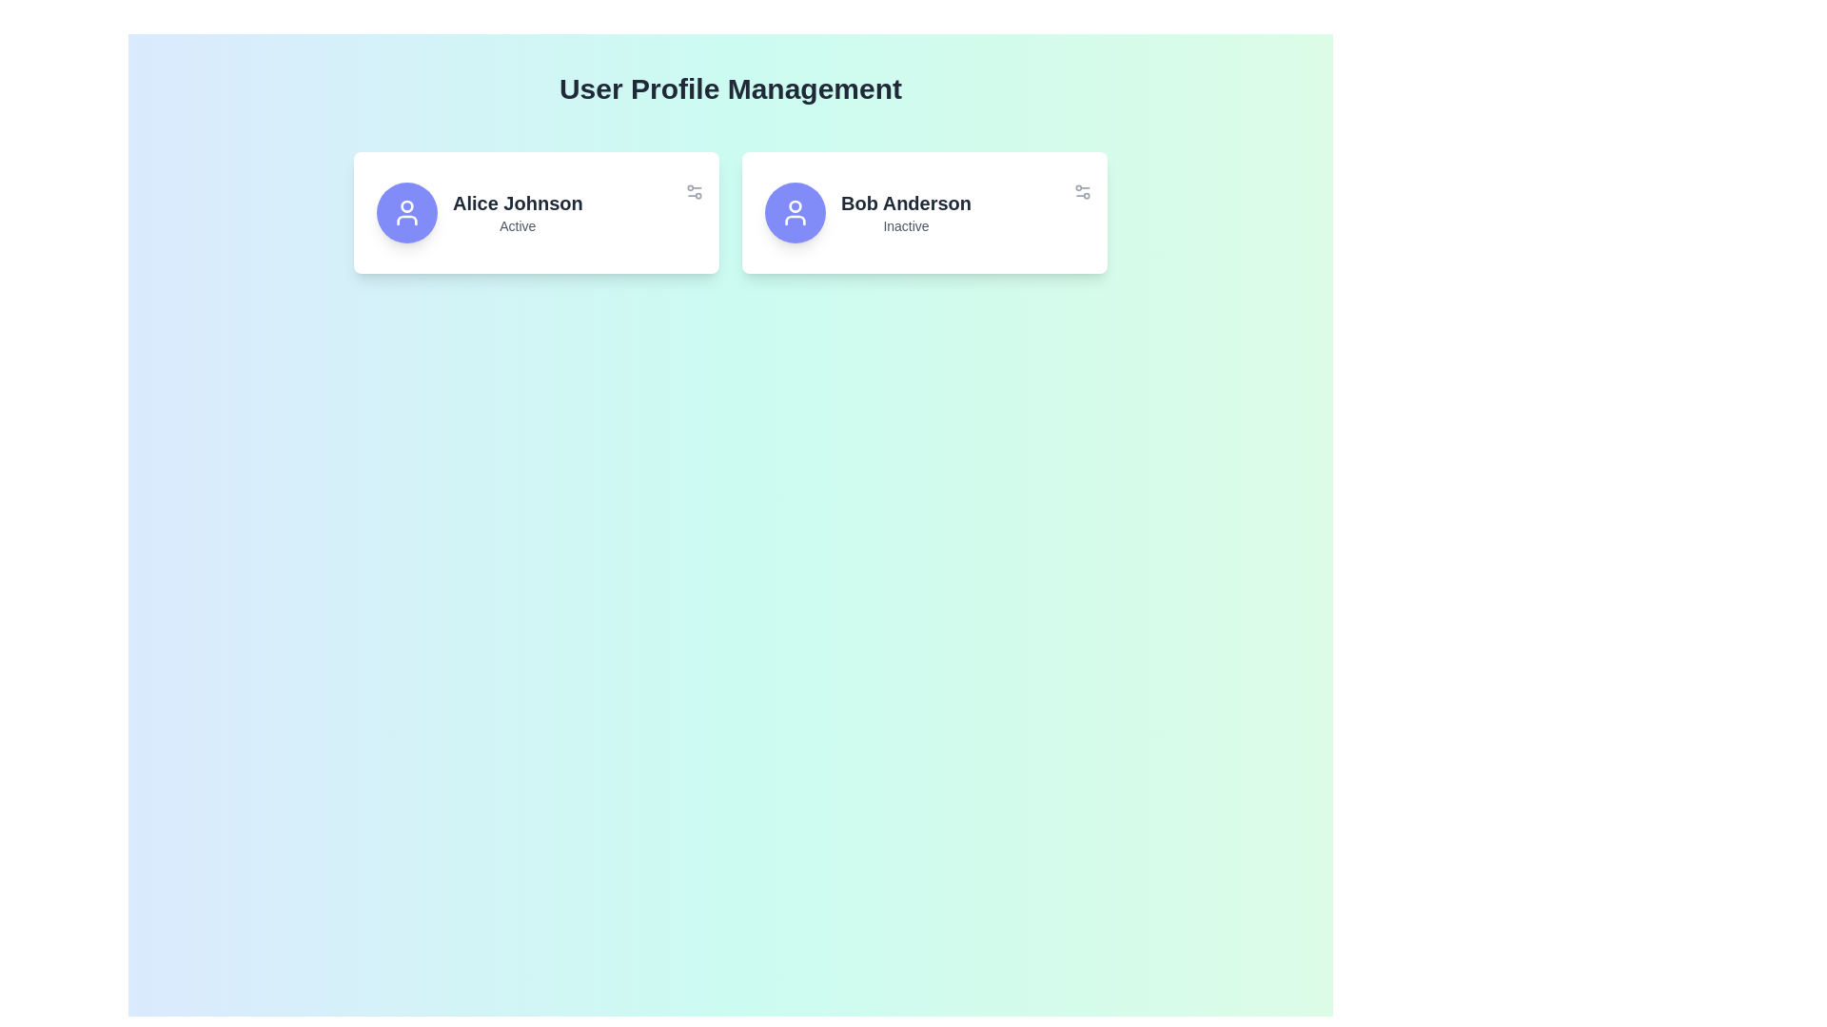  Describe the element at coordinates (1082, 191) in the screenshot. I see `the settings icon in the top right corner of the card for 'Bob Anderson' to change its color` at that location.